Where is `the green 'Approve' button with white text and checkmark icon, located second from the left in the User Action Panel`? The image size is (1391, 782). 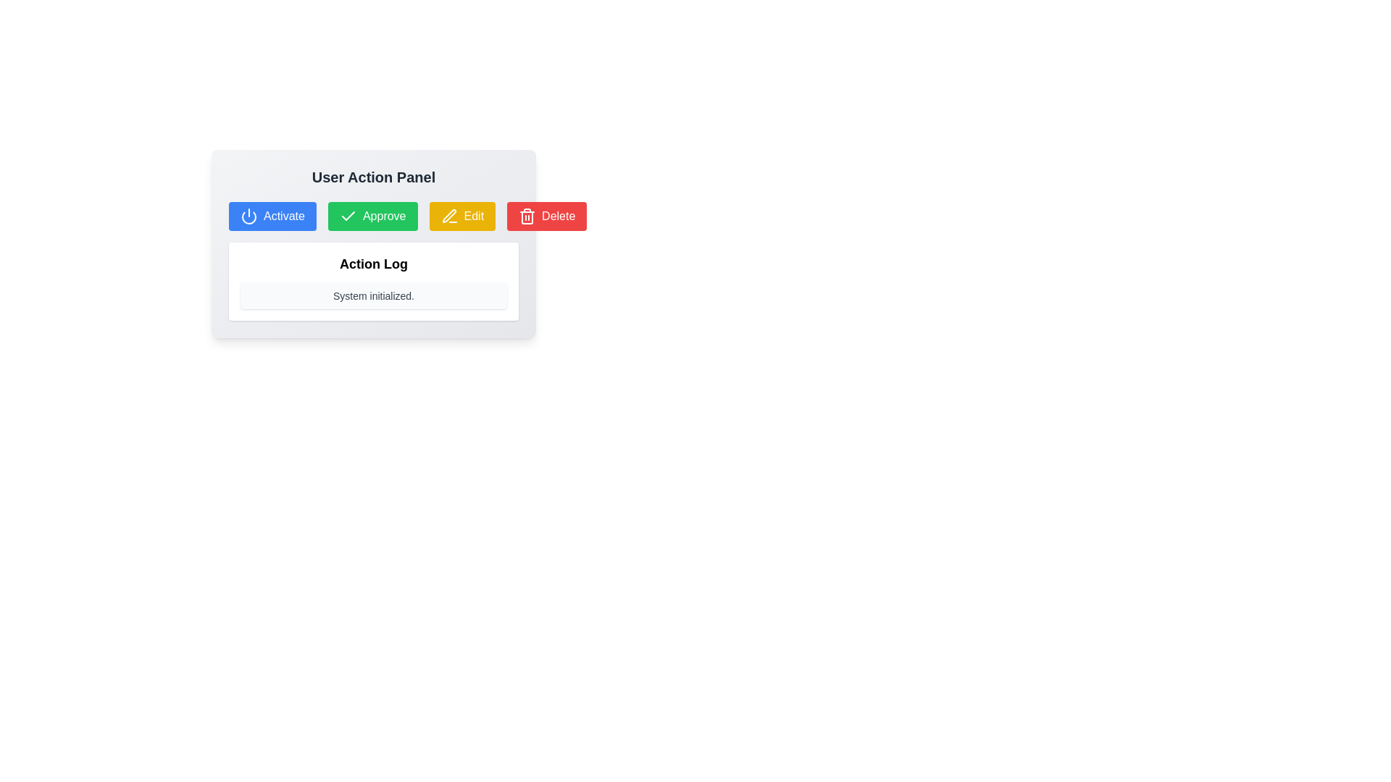
the green 'Approve' button with white text and checkmark icon, located second from the left in the User Action Panel is located at coordinates (372, 216).